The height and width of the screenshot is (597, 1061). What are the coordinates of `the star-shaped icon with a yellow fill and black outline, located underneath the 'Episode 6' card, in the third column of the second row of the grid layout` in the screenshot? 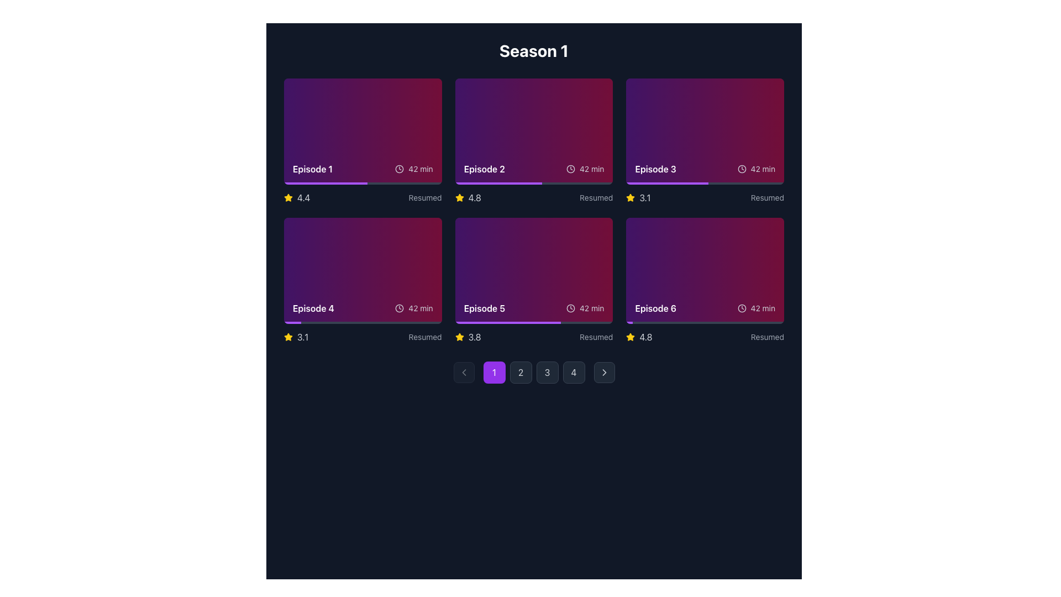 It's located at (288, 336).